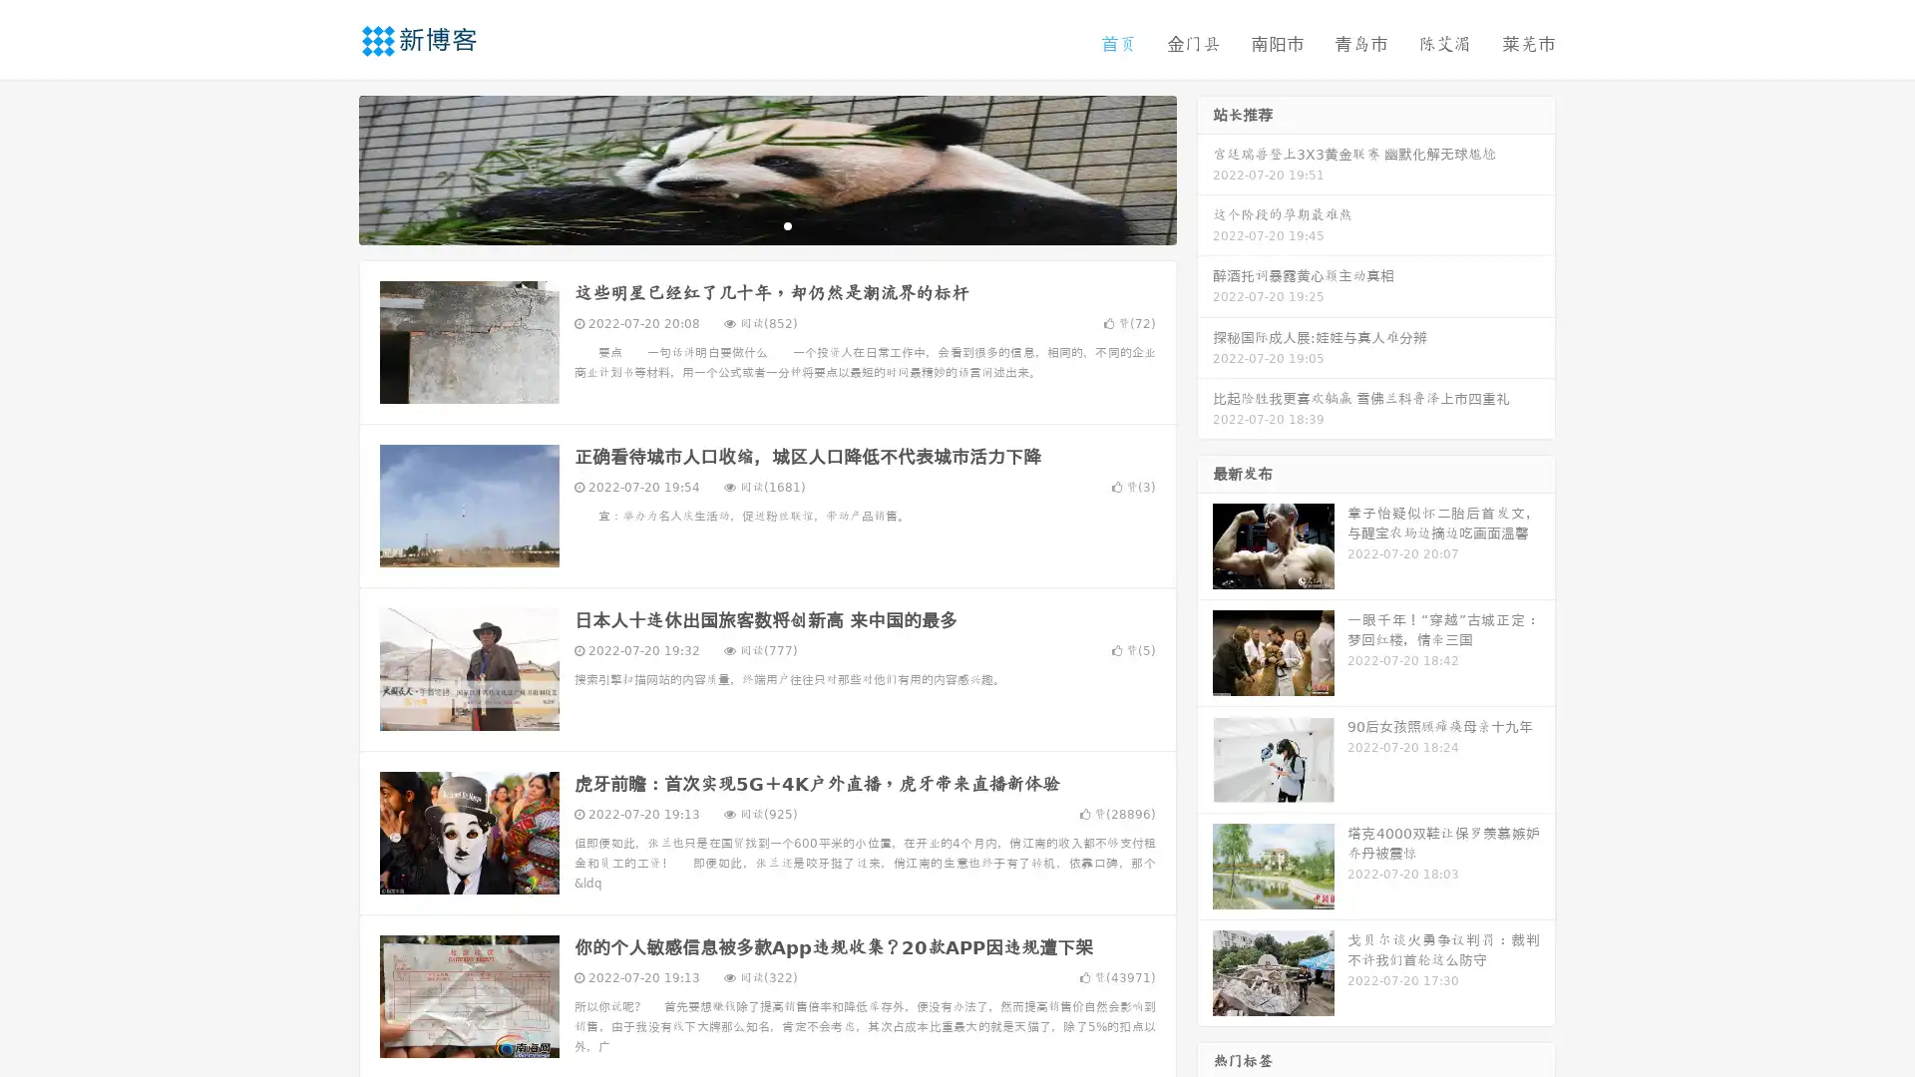 Image resolution: width=1915 pixels, height=1077 pixels. I want to click on Next slide, so click(1205, 168).